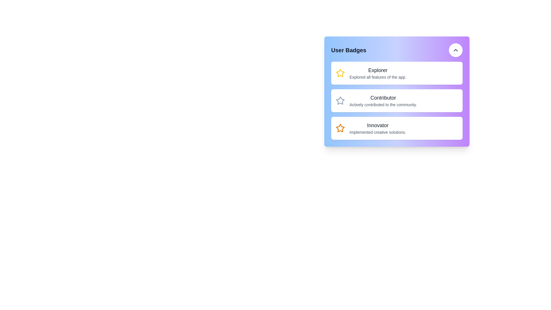  I want to click on text present in the Informational card or badge descriptor that displays 'Contributor' and 'Actively contributed to the community.', so click(396, 100).